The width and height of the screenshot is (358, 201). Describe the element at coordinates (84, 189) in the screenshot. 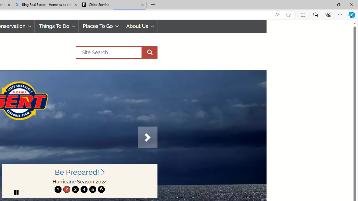

I see `'move to slide 4'` at that location.